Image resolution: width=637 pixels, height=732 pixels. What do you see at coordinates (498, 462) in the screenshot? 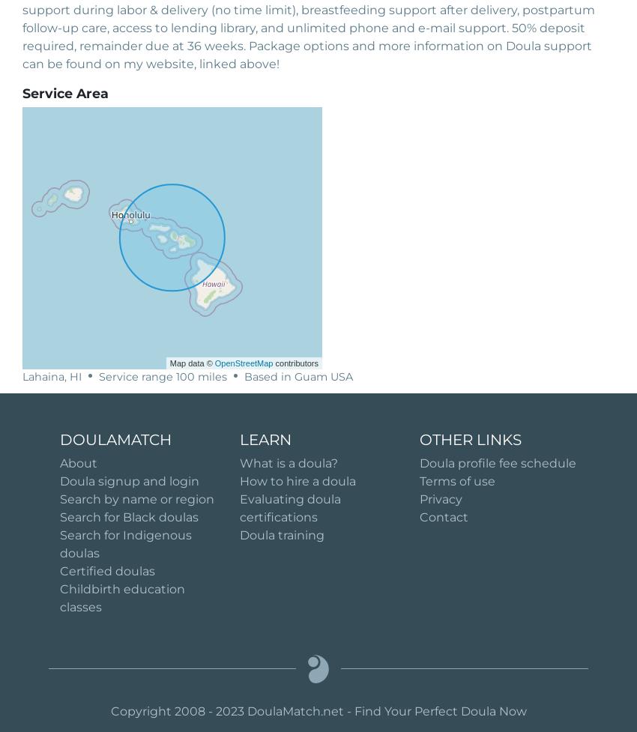
I see `'Doula profile fee schedule'` at bounding box center [498, 462].